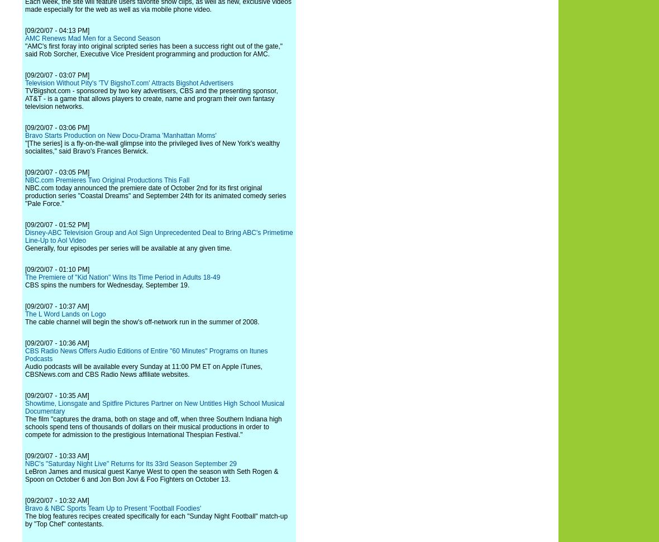 This screenshot has height=542, width=659. Describe the element at coordinates (129, 83) in the screenshot. I see `'Television Without Pity's 'TV BigshoT.com' Attracts Bigshot Advertisers'` at that location.